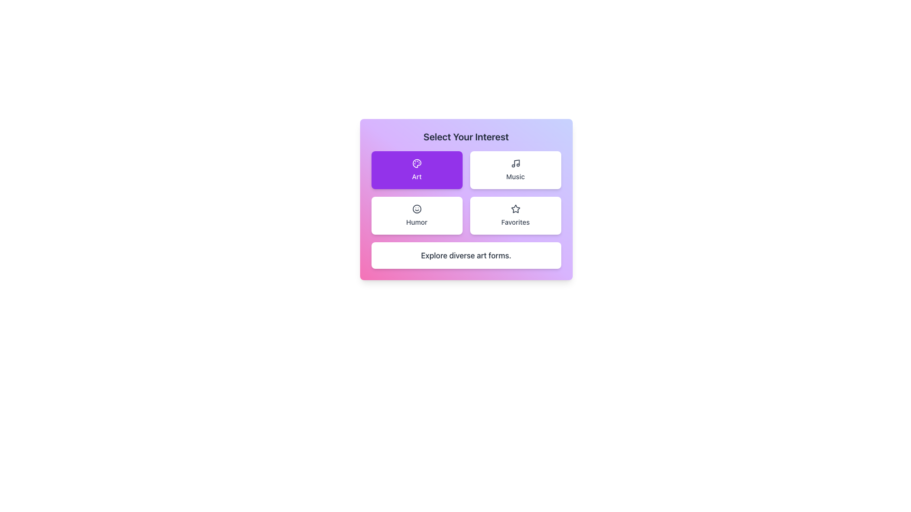 The image size is (911, 512). Describe the element at coordinates (466, 255) in the screenshot. I see `the text element displaying 'Explore diverse art forms.' which is styled in gray color and located below the interest buttons 'Art' and 'Music'` at that location.